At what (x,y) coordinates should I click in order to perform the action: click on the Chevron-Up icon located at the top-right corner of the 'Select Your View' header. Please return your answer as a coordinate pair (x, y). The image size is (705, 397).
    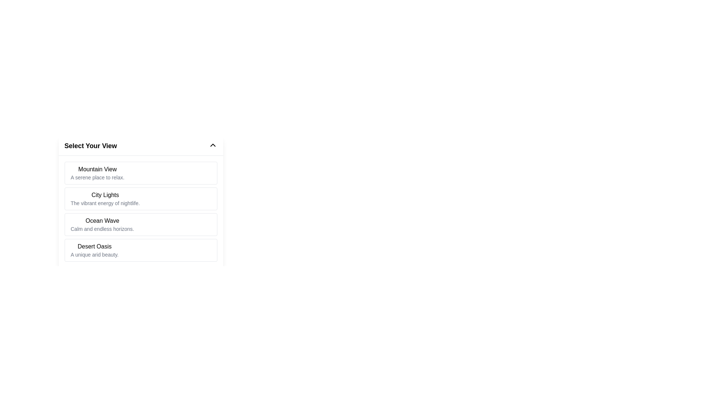
    Looking at the image, I should click on (212, 145).